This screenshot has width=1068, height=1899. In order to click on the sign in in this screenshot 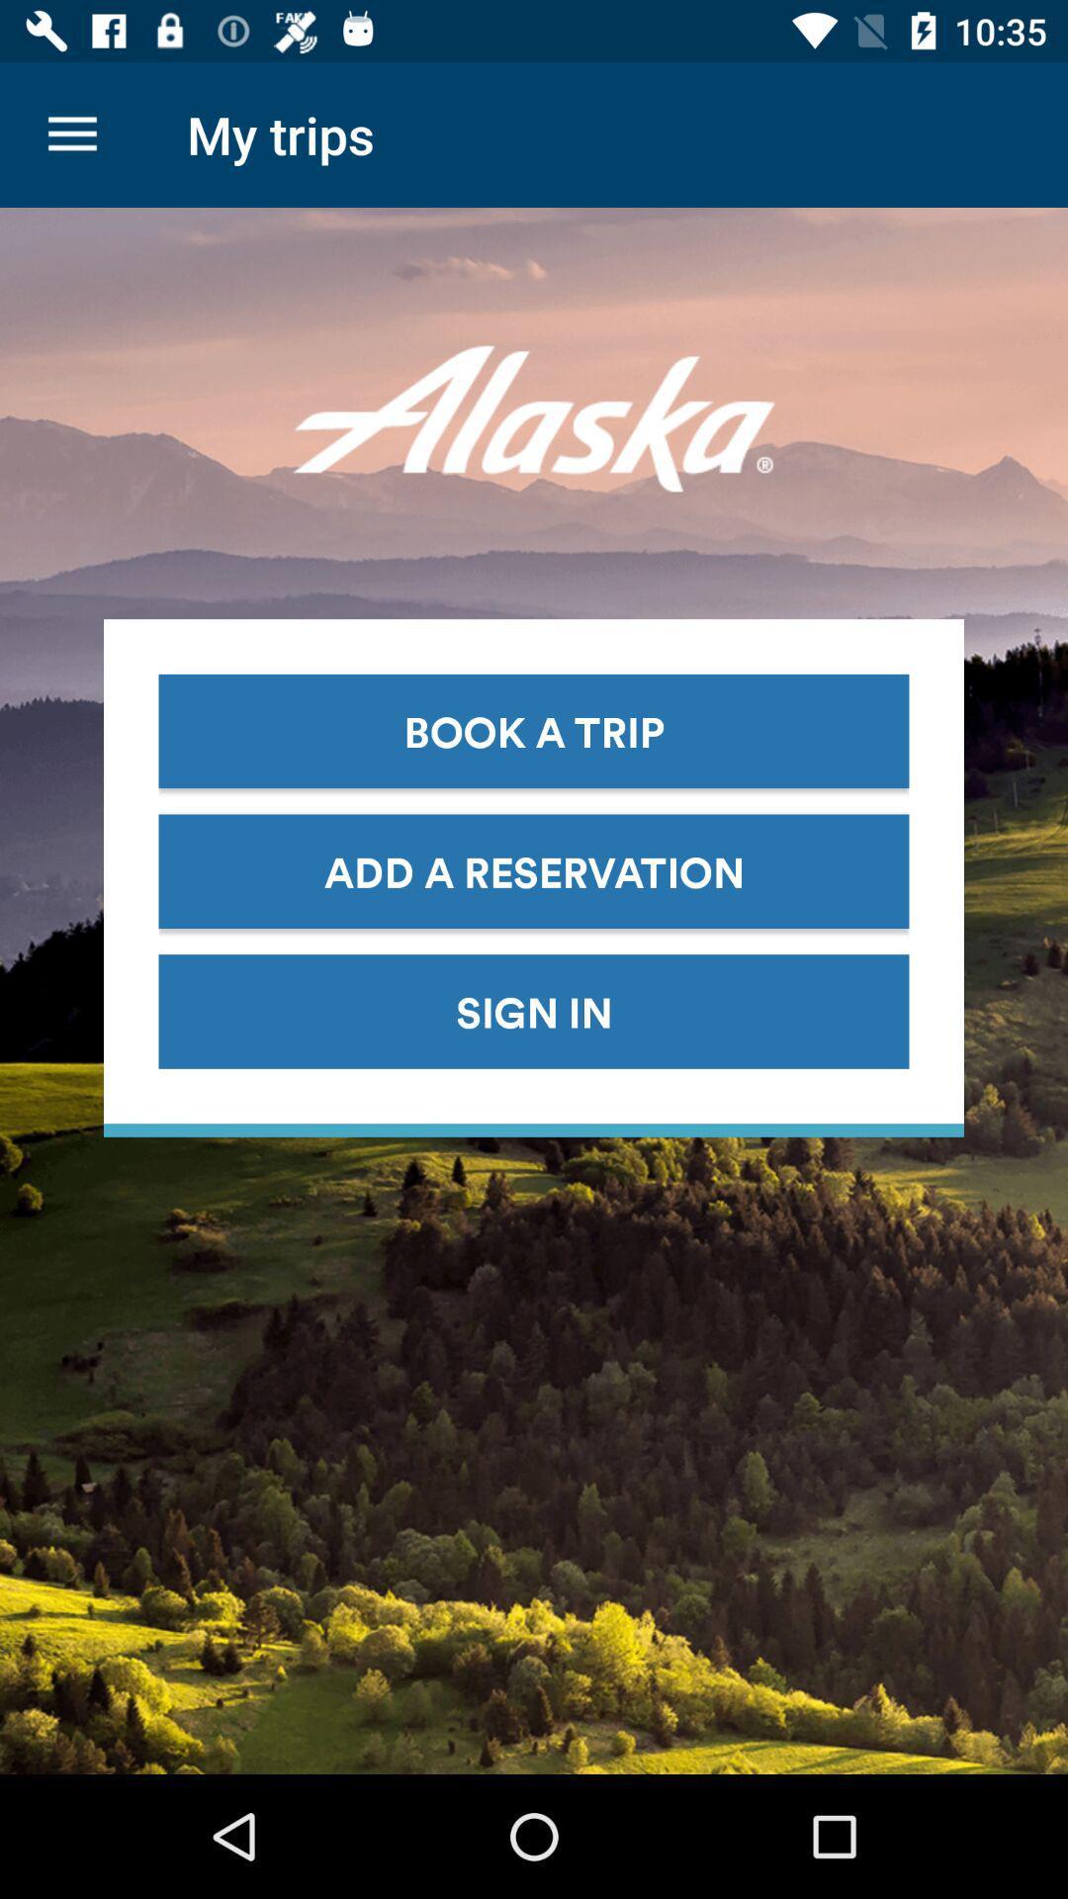, I will do `click(534, 1011)`.